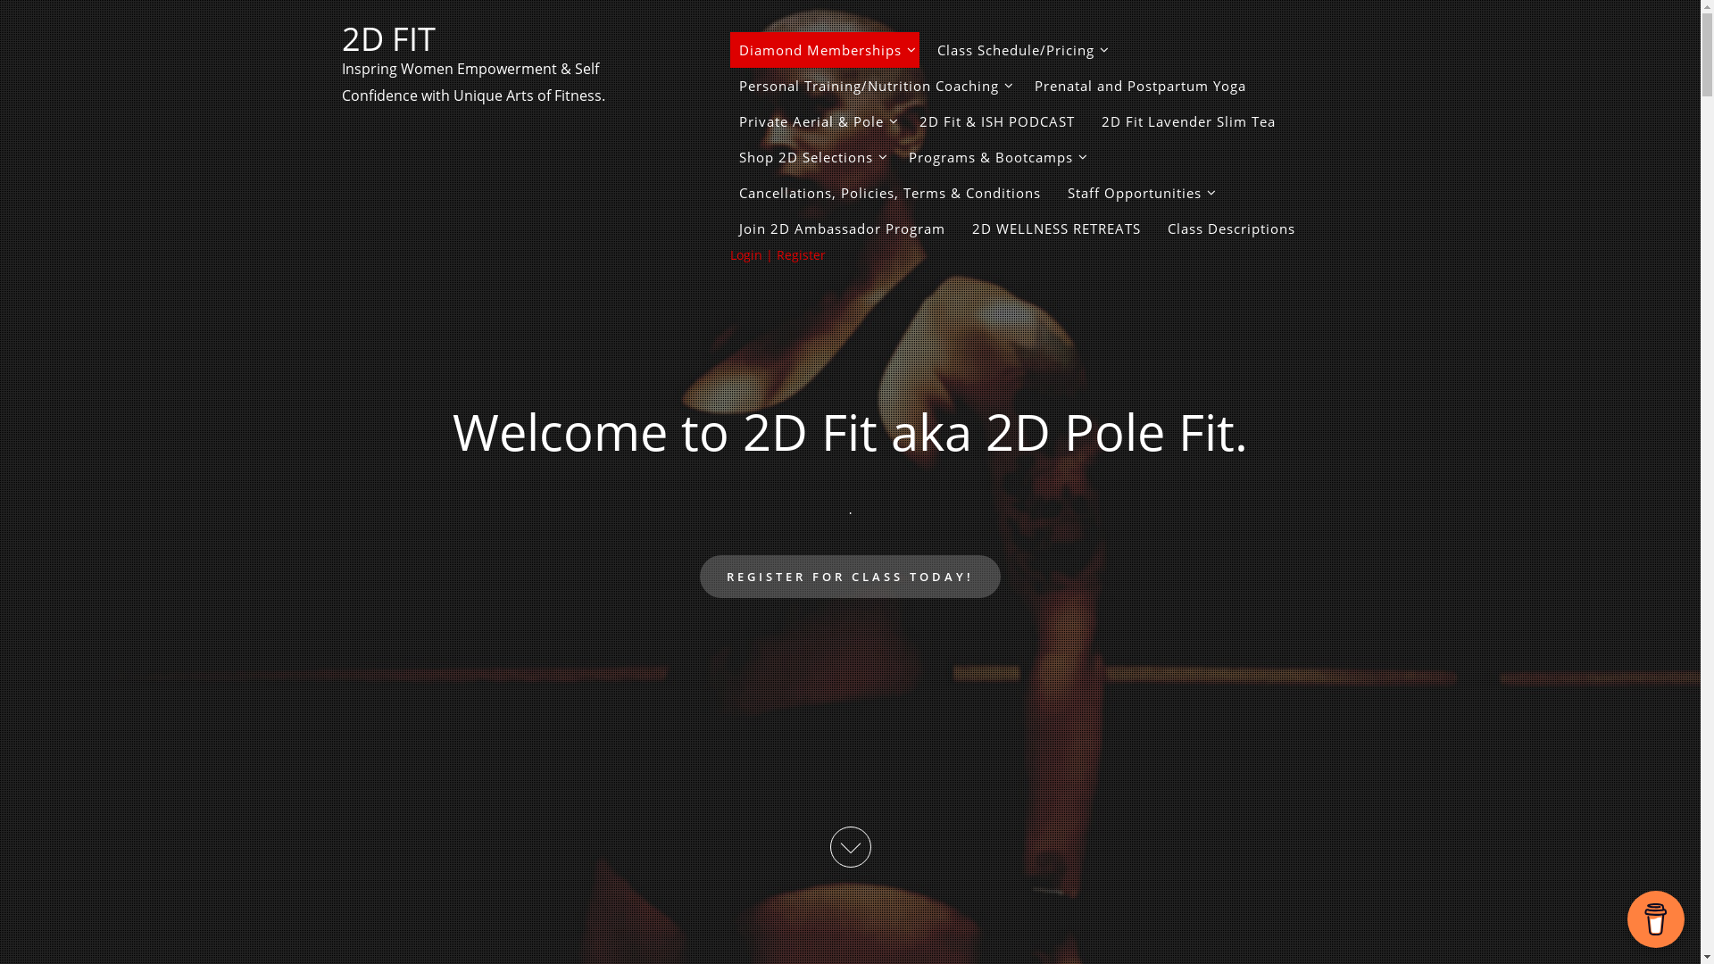 Image resolution: width=1714 pixels, height=964 pixels. What do you see at coordinates (814, 120) in the screenshot?
I see `'Private Aerial & Pole'` at bounding box center [814, 120].